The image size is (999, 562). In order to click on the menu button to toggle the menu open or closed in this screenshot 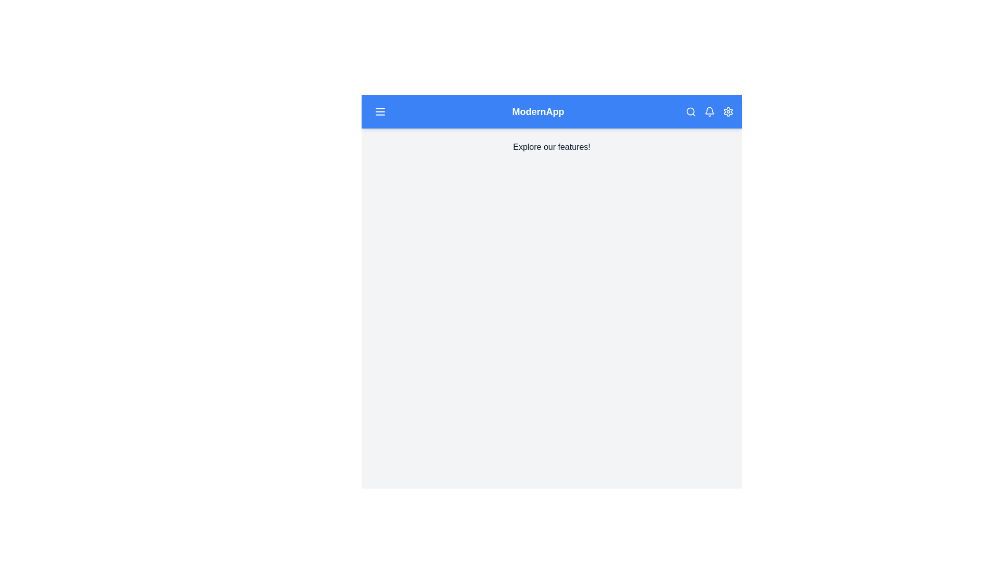, I will do `click(379, 112)`.